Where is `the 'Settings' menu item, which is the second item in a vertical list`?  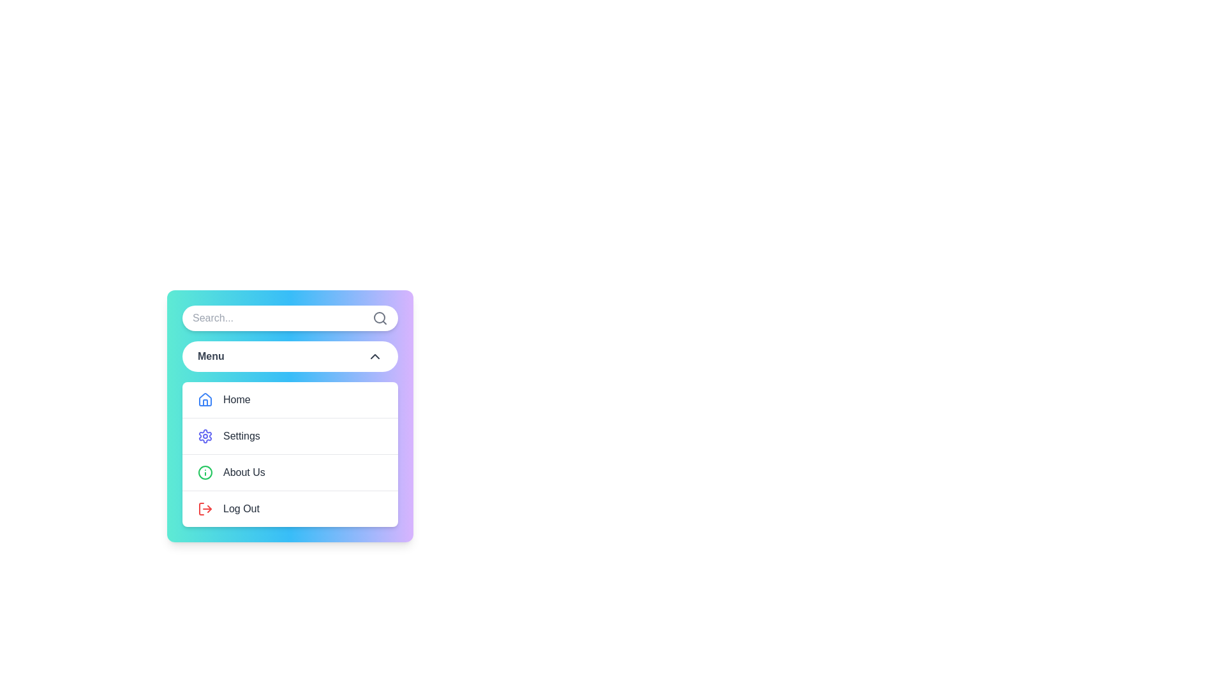
the 'Settings' menu item, which is the second item in a vertical list is located at coordinates (290, 434).